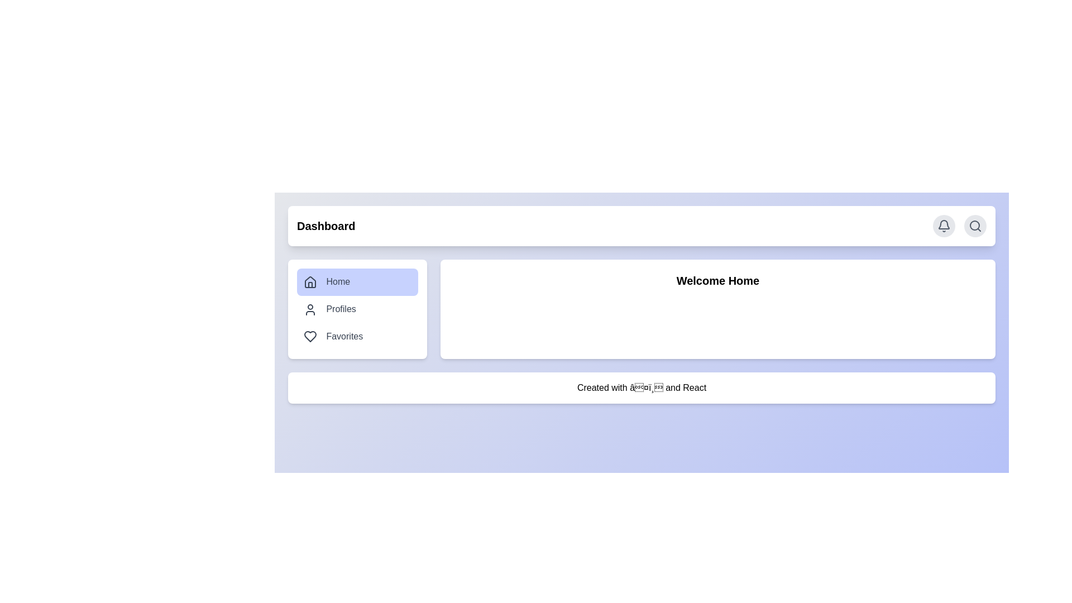 This screenshot has height=603, width=1072. I want to click on the second button in the top-right corner of the layout, which is located to the right of the bell icon button, so click(975, 226).